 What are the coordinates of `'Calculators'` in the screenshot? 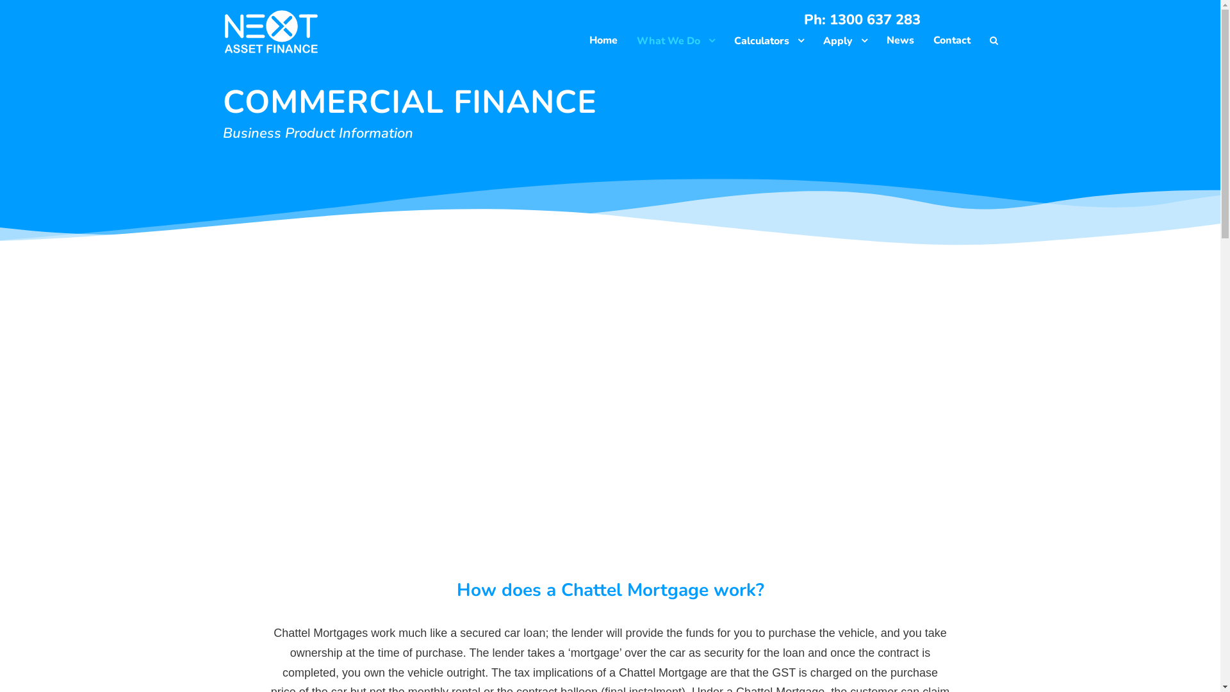 It's located at (769, 44).